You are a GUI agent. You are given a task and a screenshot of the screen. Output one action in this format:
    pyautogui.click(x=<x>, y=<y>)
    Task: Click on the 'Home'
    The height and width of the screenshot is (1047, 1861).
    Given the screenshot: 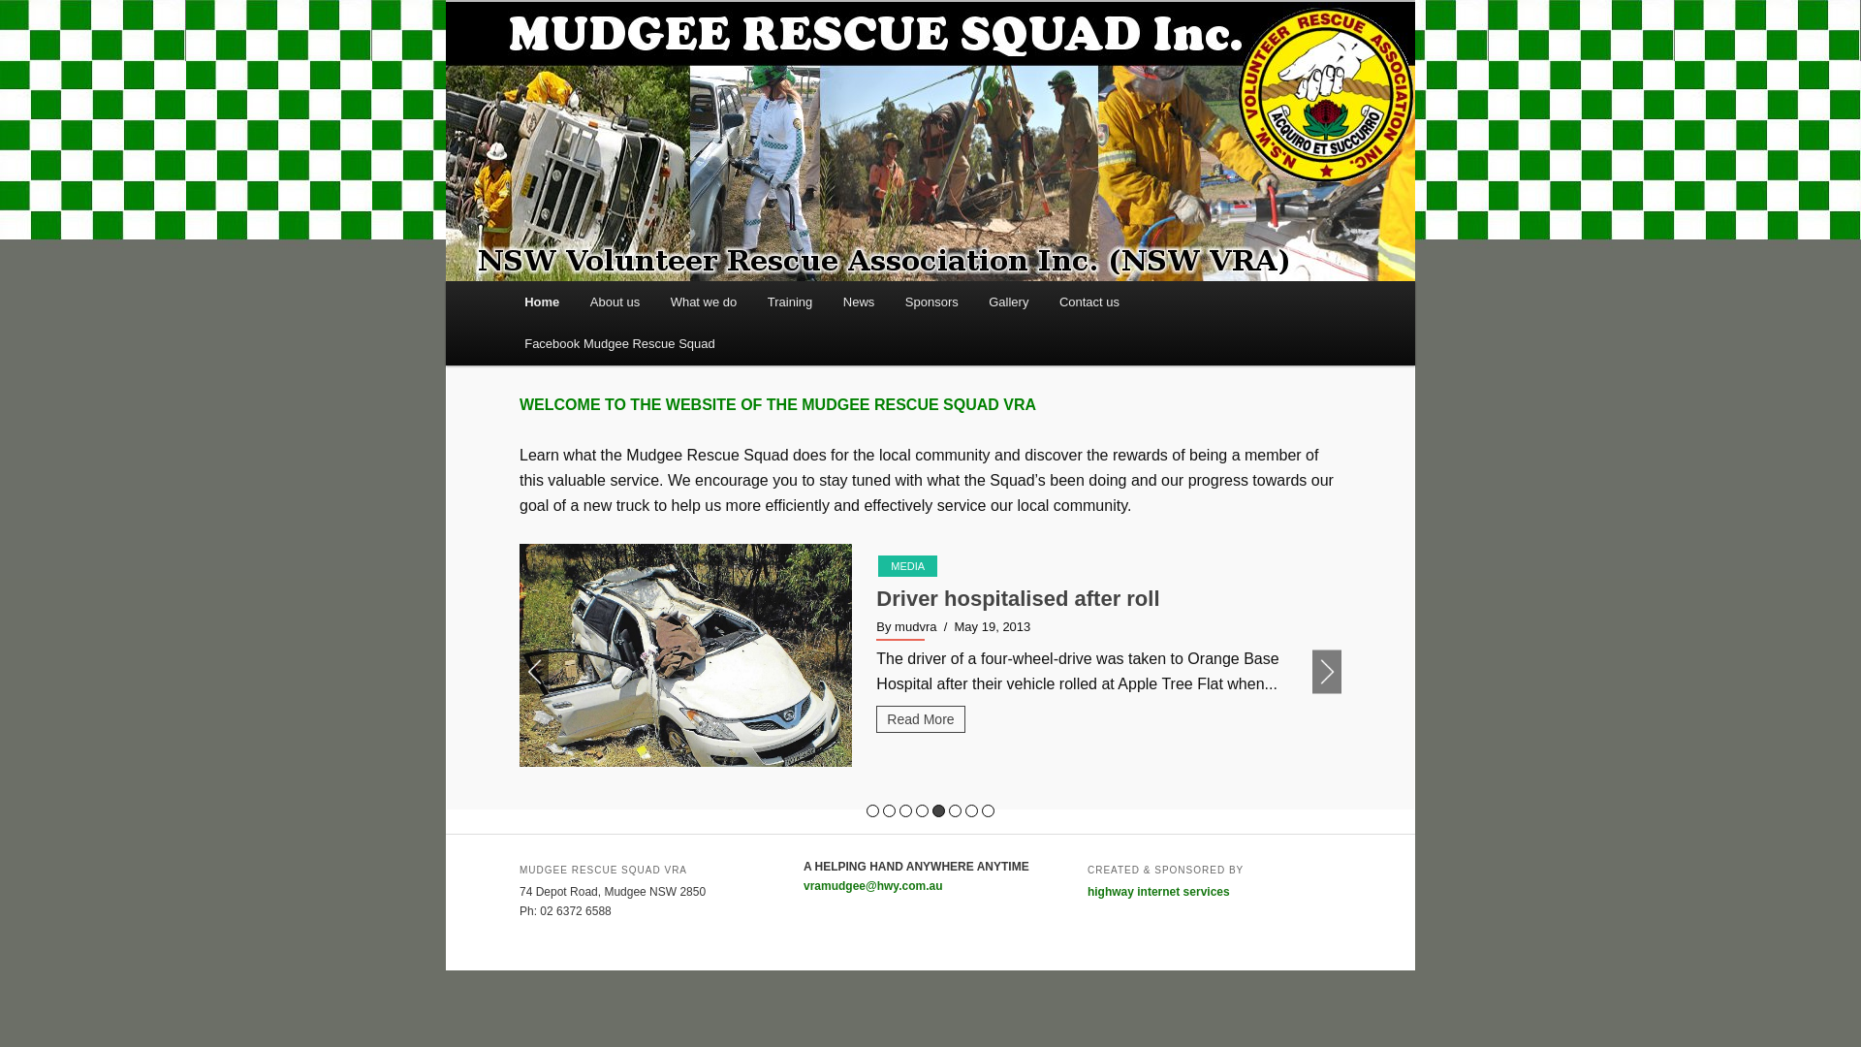 What is the action you would take?
    pyautogui.click(x=541, y=301)
    